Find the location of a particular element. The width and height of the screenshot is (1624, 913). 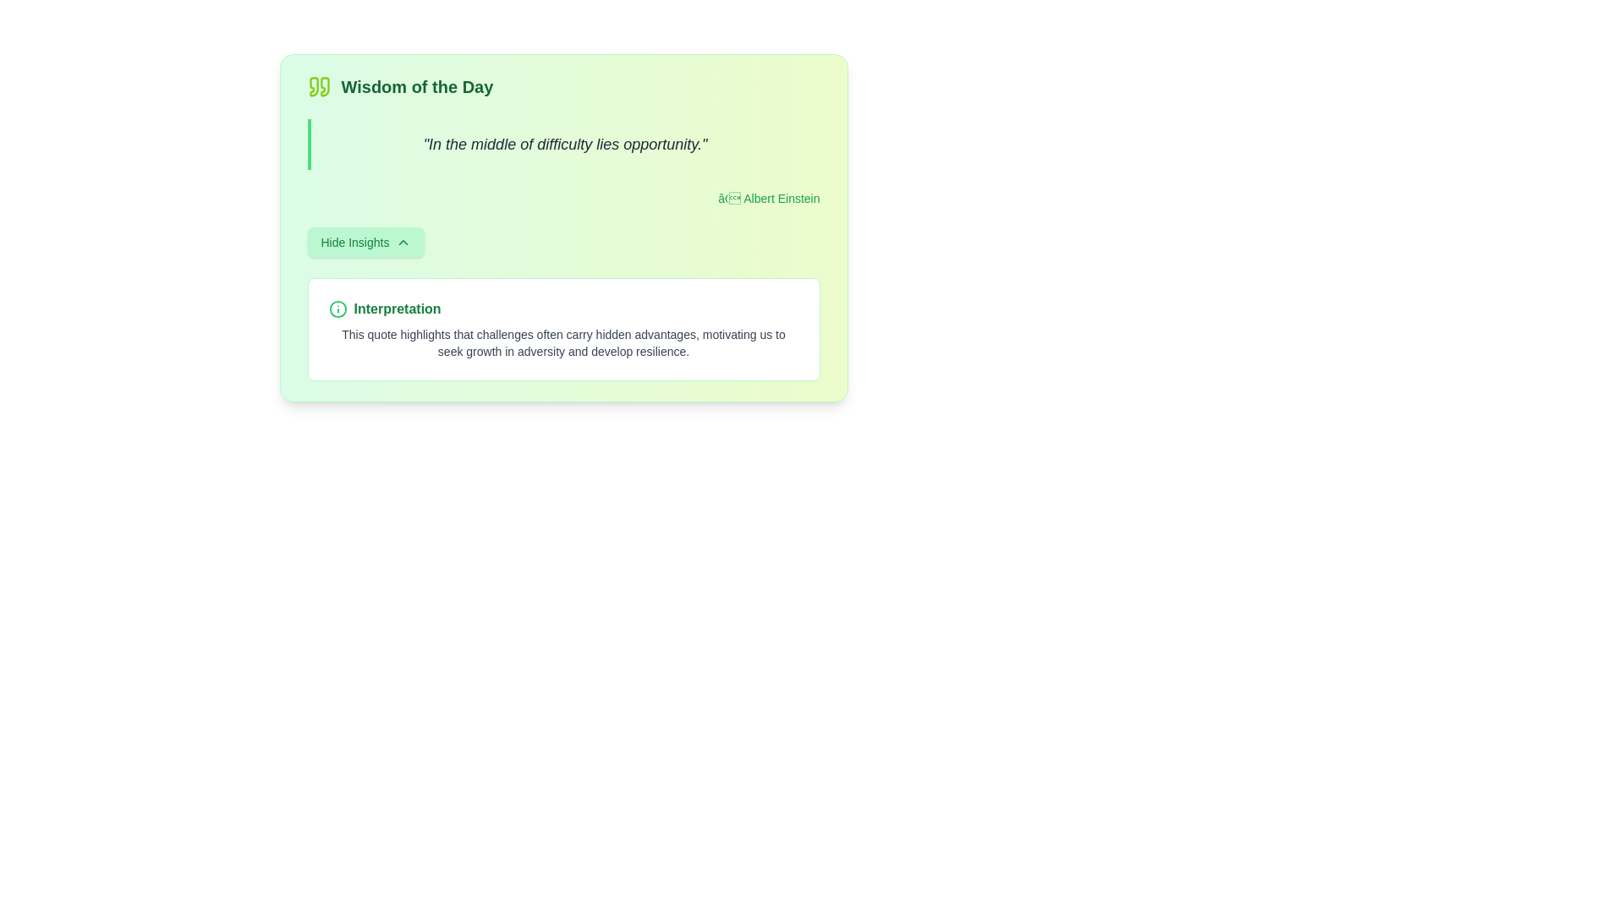

the information icon, which is a green circle with a lowercase 'i' inside, located to the left of the bold green text label 'Interpretation' is located at coordinates (337, 309).